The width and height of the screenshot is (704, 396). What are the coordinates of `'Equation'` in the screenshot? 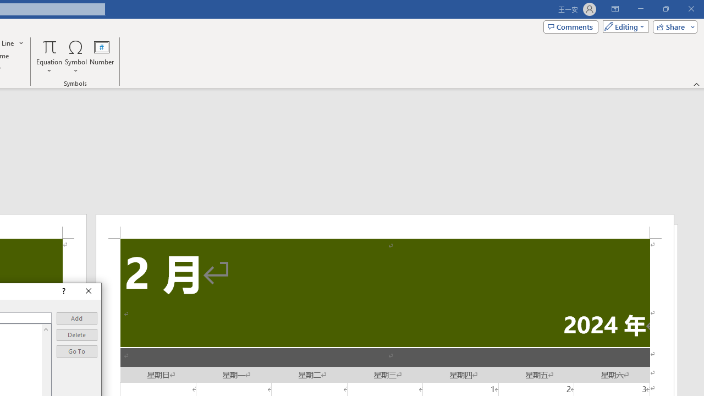 It's located at (49, 57).